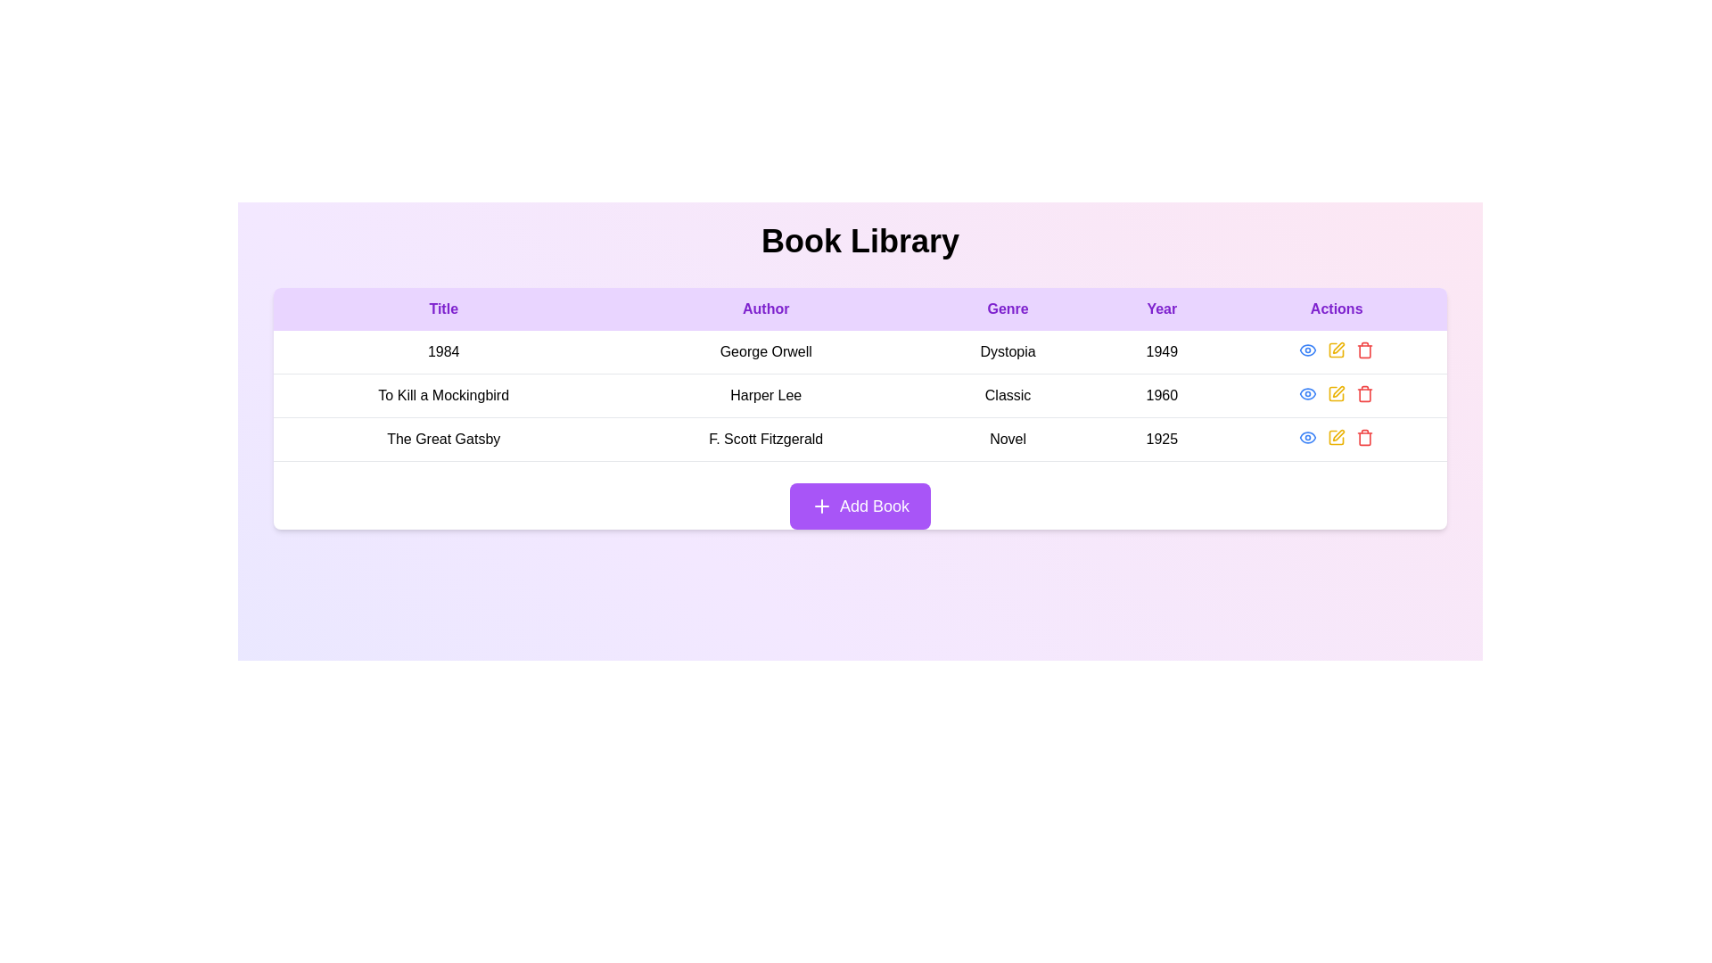 The height and width of the screenshot is (963, 1712). Describe the element at coordinates (860, 506) in the screenshot. I see `the 'Add Book' button, which has a vibrant purple background and a white plus icon` at that location.